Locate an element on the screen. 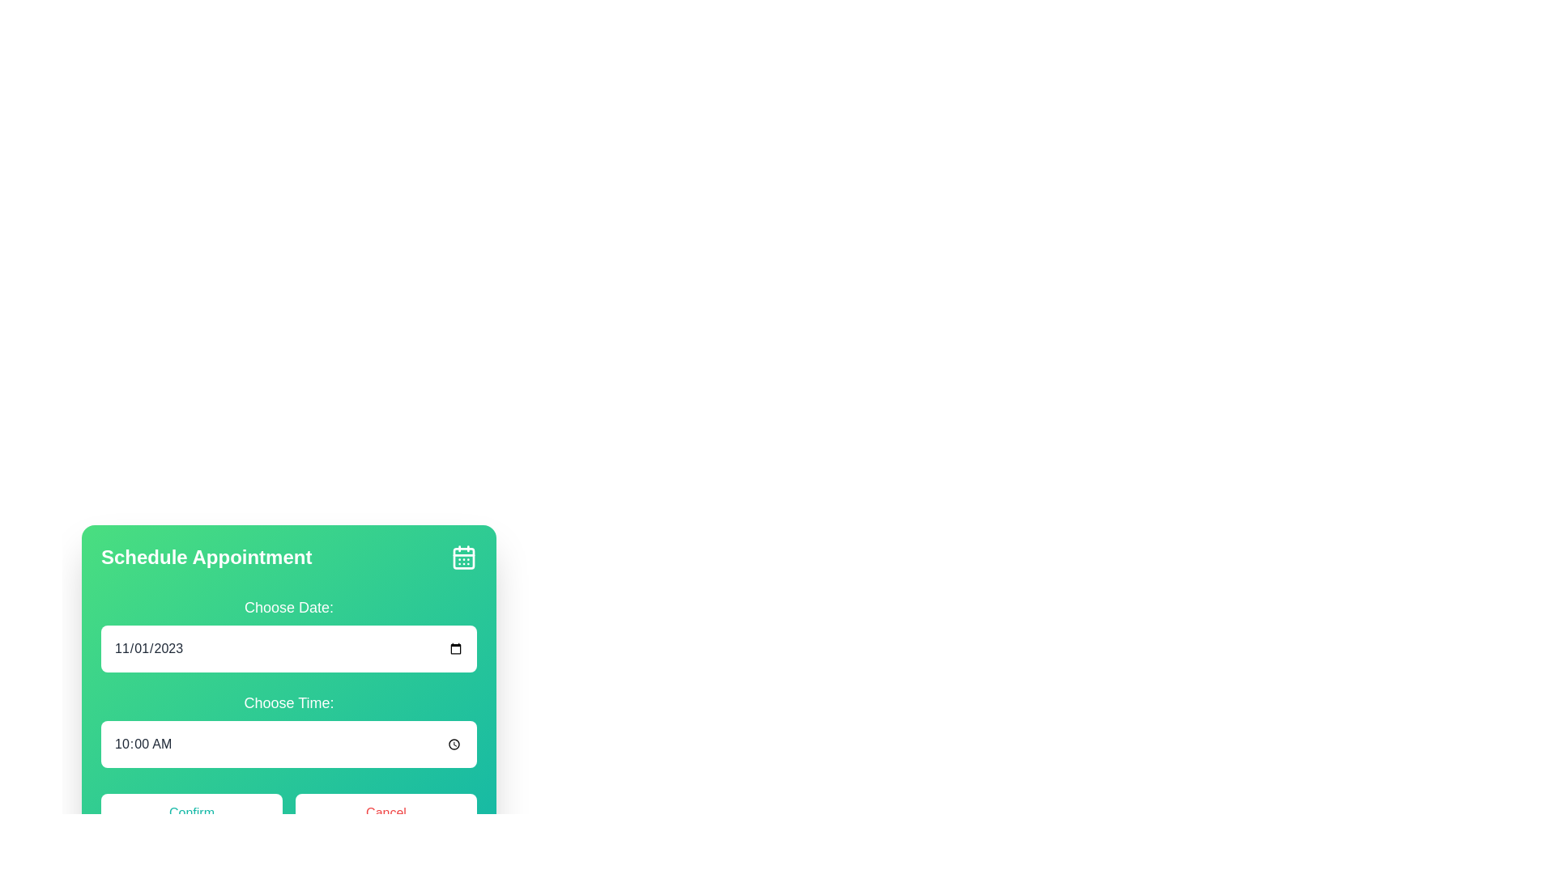 The height and width of the screenshot is (874, 1555). the 'Confirm' button, which is a rectangular button with rounded corners, a white background, and teal text, located at the bottom of the 'Schedule Appointment' form is located at coordinates (191, 813).